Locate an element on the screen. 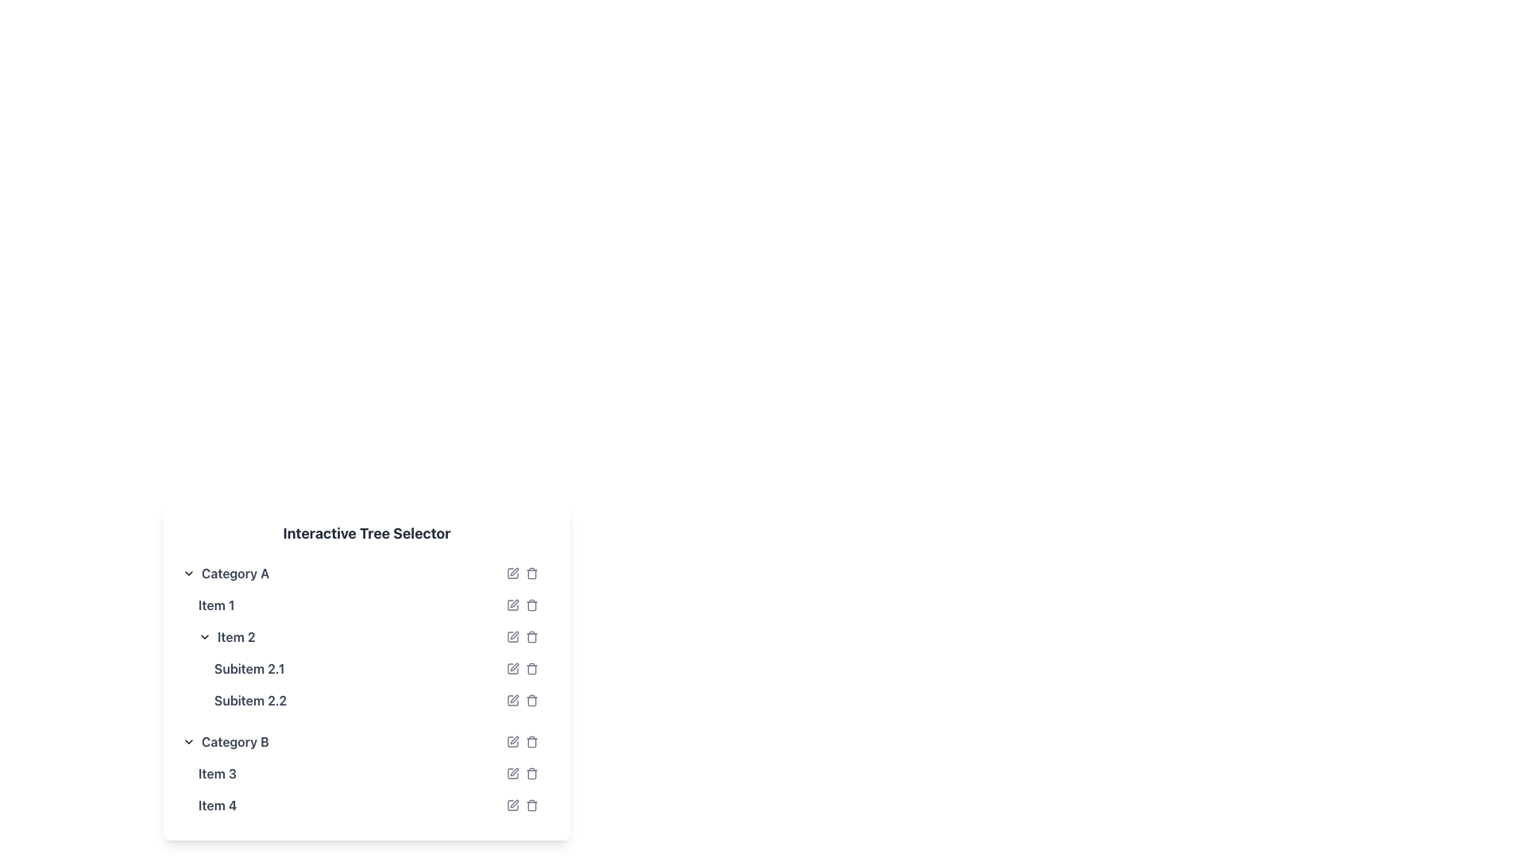 This screenshot has height=858, width=1525. the delete icon located on the far right of the row containing the text label 'Item 1' is located at coordinates (522, 605).